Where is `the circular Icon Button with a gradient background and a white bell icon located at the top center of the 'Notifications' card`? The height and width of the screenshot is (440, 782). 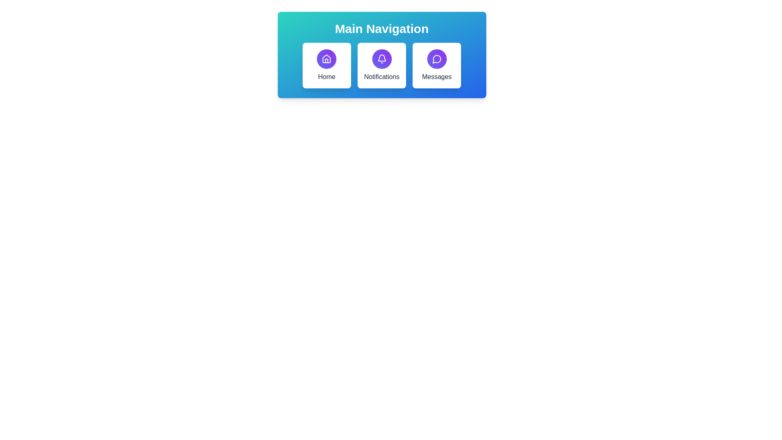 the circular Icon Button with a gradient background and a white bell icon located at the top center of the 'Notifications' card is located at coordinates (381, 59).